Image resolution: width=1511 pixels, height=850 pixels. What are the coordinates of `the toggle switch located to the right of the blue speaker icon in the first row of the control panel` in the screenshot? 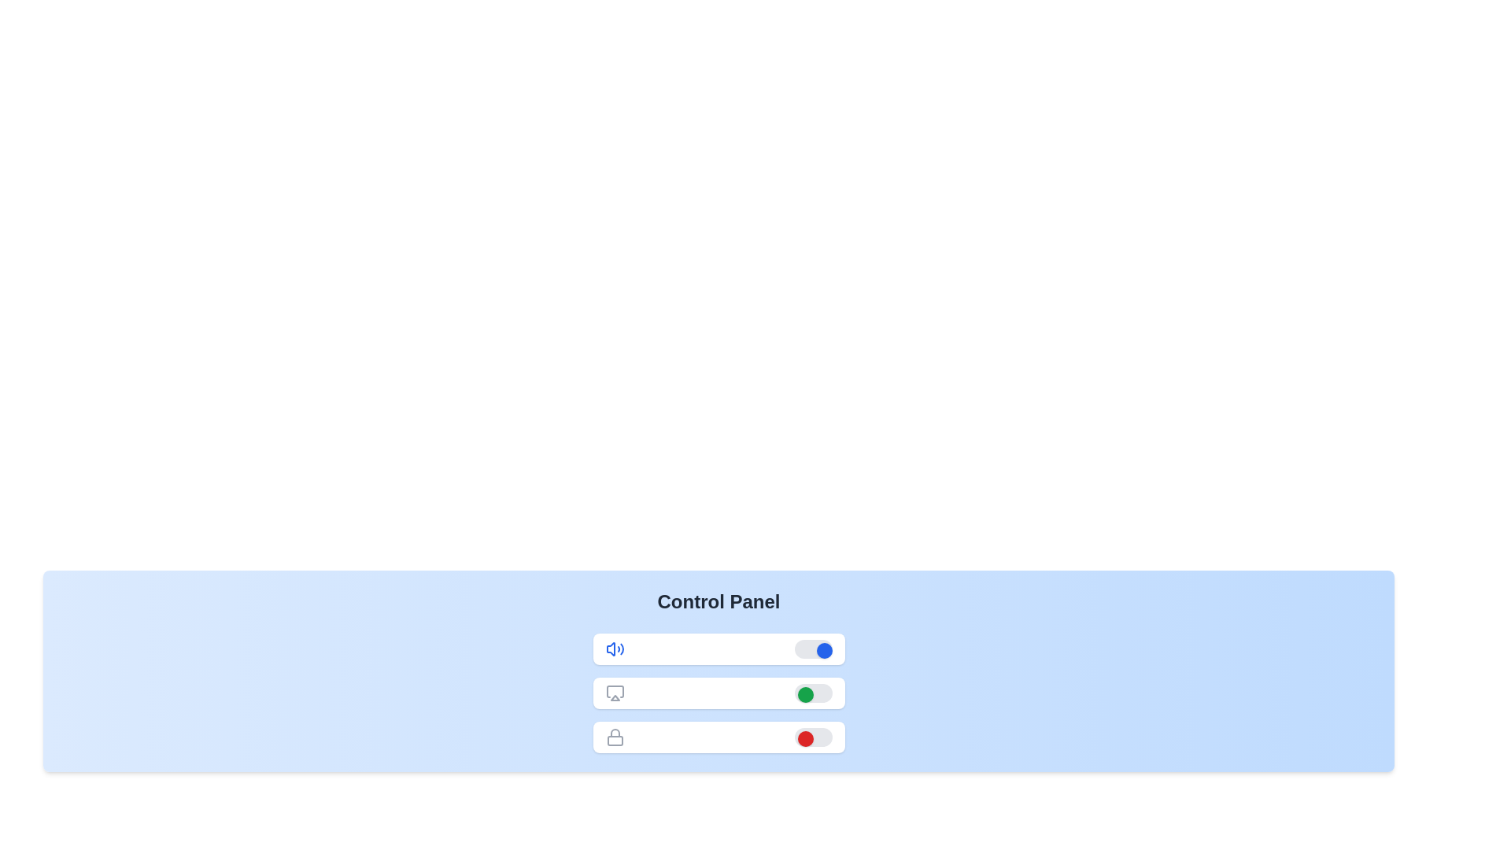 It's located at (813, 649).